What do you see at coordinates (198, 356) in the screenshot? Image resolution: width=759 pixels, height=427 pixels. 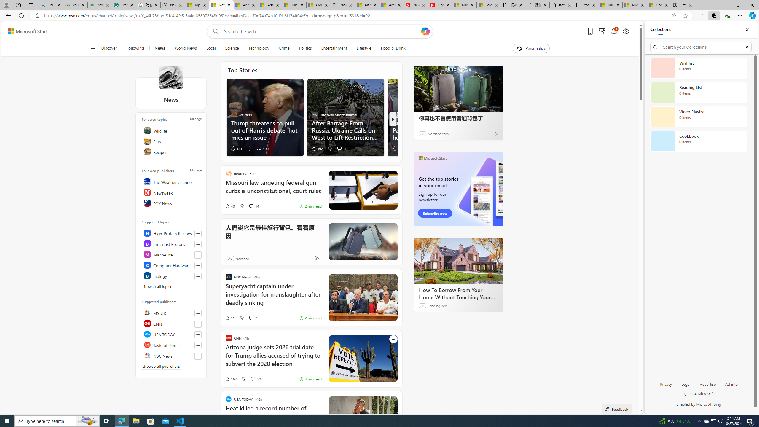 I see `'Follow this source'` at bounding box center [198, 356].